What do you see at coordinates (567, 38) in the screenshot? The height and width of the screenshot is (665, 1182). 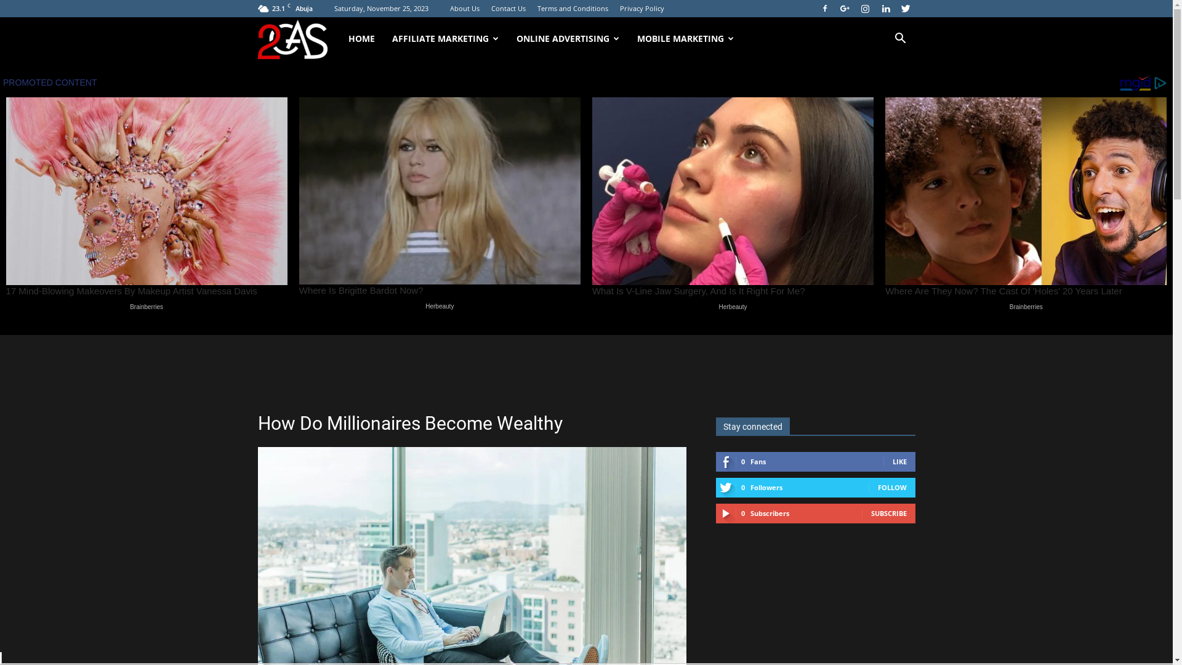 I see `'ONLINE ADVERTISING'` at bounding box center [567, 38].